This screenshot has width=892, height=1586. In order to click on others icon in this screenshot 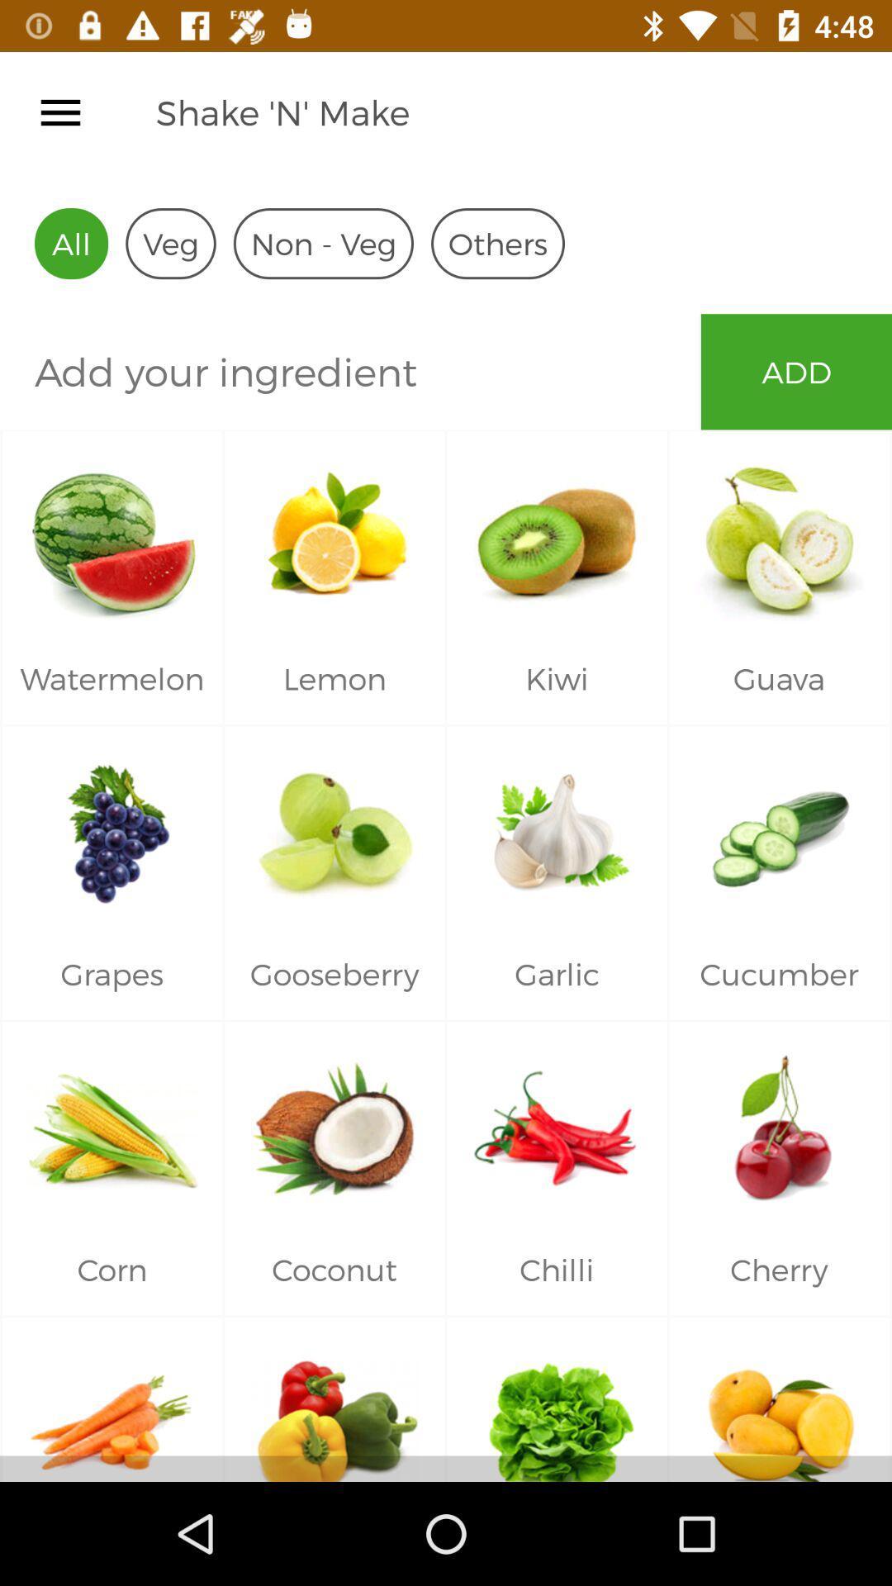, I will do `click(496, 243)`.